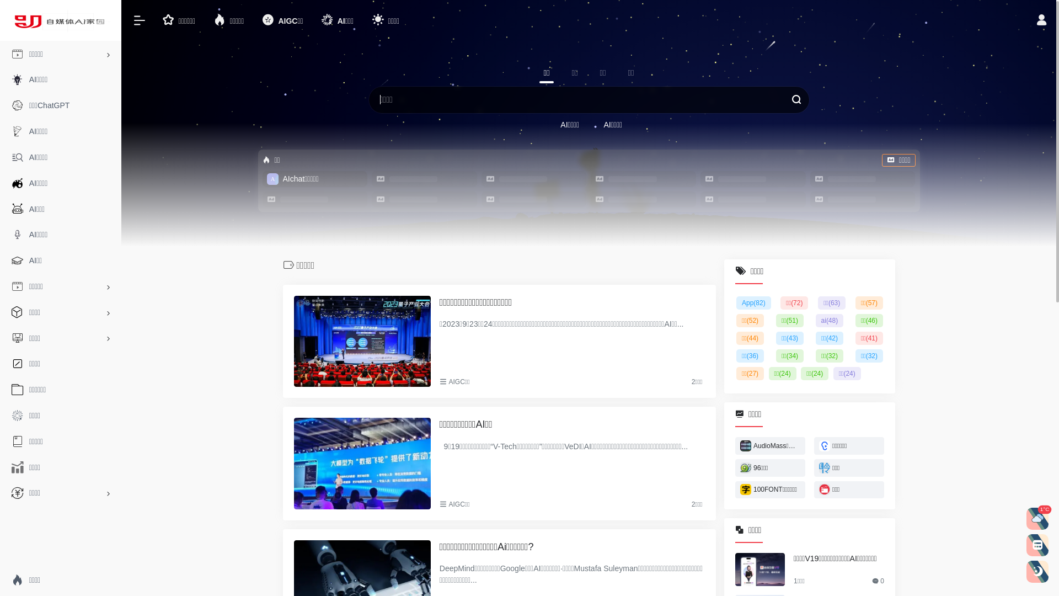  Describe the element at coordinates (736, 302) in the screenshot. I see `'App(82)'` at that location.